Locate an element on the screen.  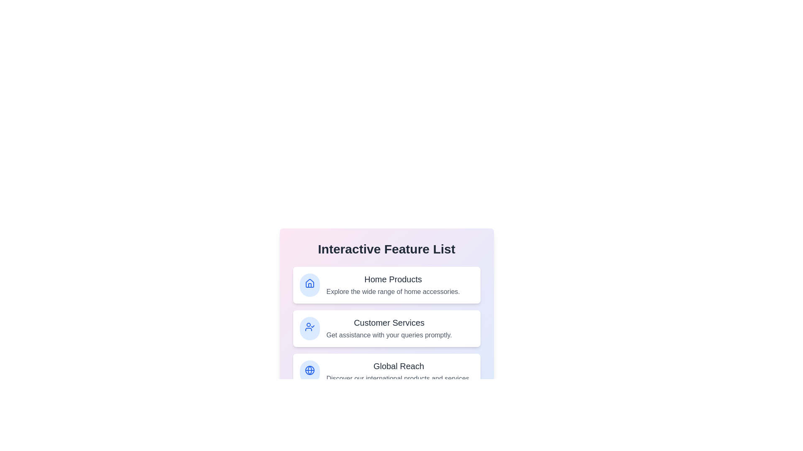
the item labeled Home Products to observe its hover effect is located at coordinates (386, 284).